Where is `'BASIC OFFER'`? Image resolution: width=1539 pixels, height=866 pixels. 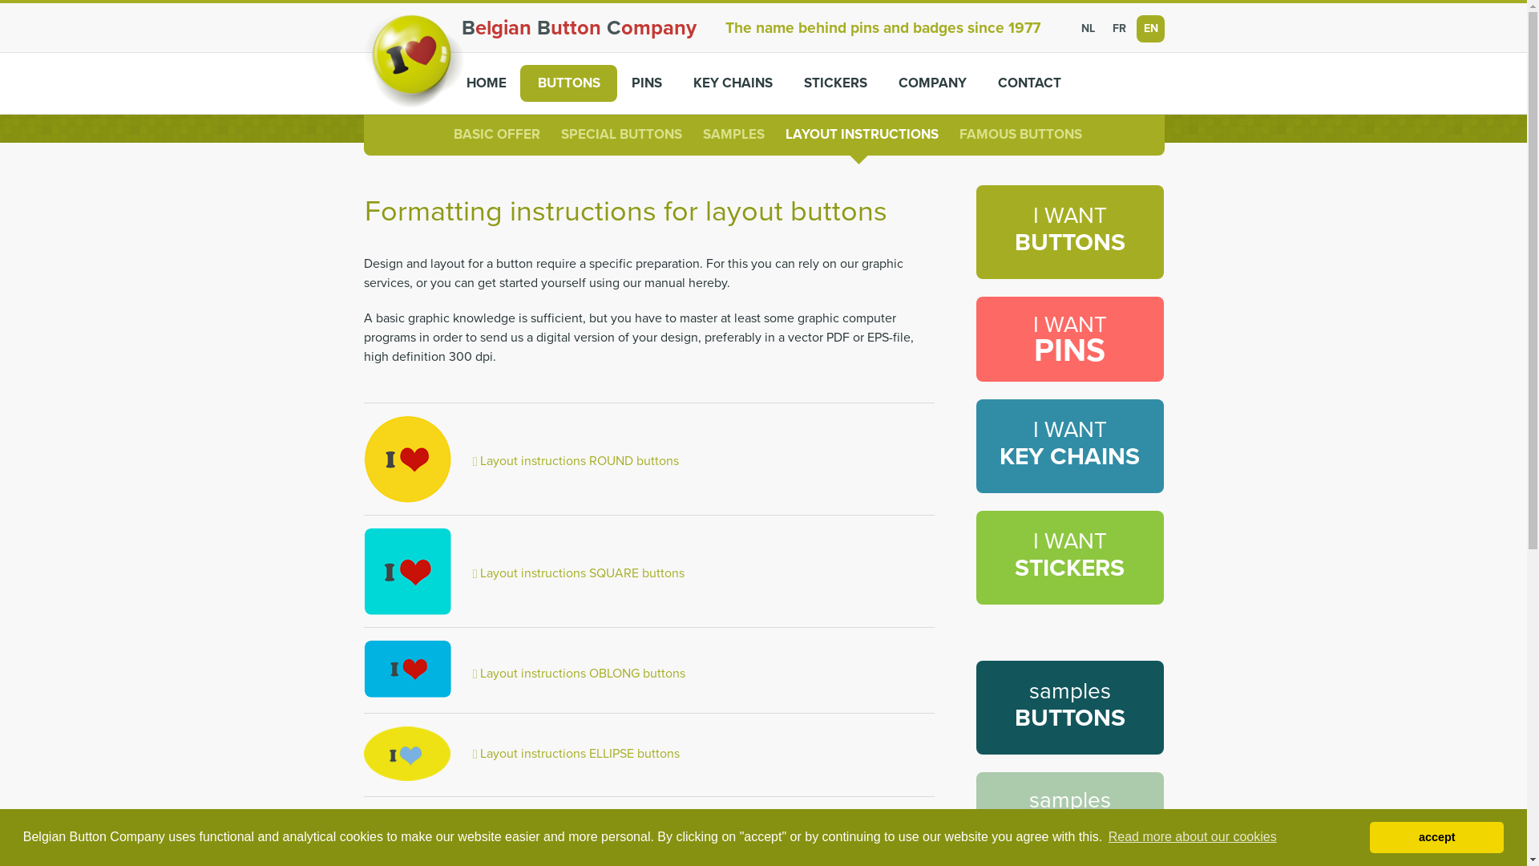 'BASIC OFFER' is located at coordinates (495, 134).